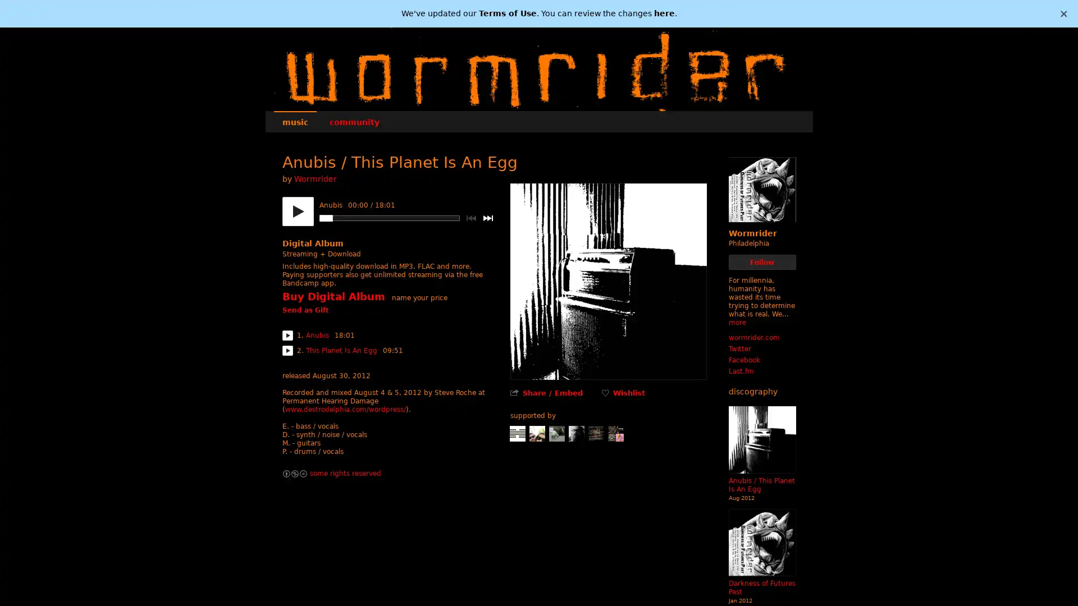 The height and width of the screenshot is (606, 1078). I want to click on Send as Gift, so click(305, 311).